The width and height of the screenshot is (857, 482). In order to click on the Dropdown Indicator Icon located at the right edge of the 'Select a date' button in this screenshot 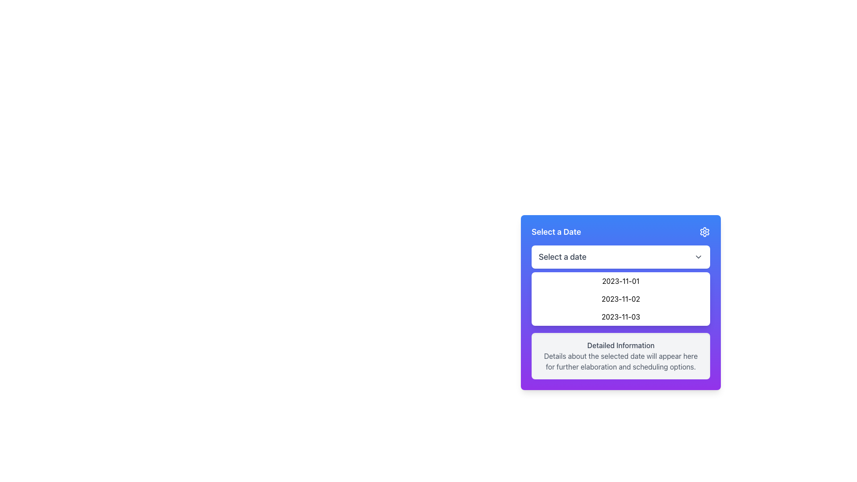, I will do `click(698, 257)`.